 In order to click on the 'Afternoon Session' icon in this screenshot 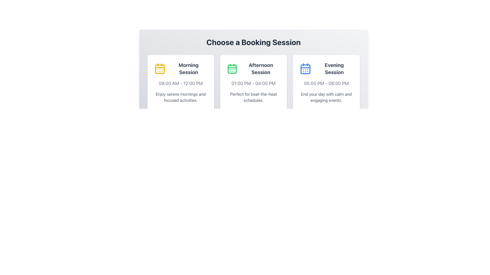, I will do `click(232, 69)`.